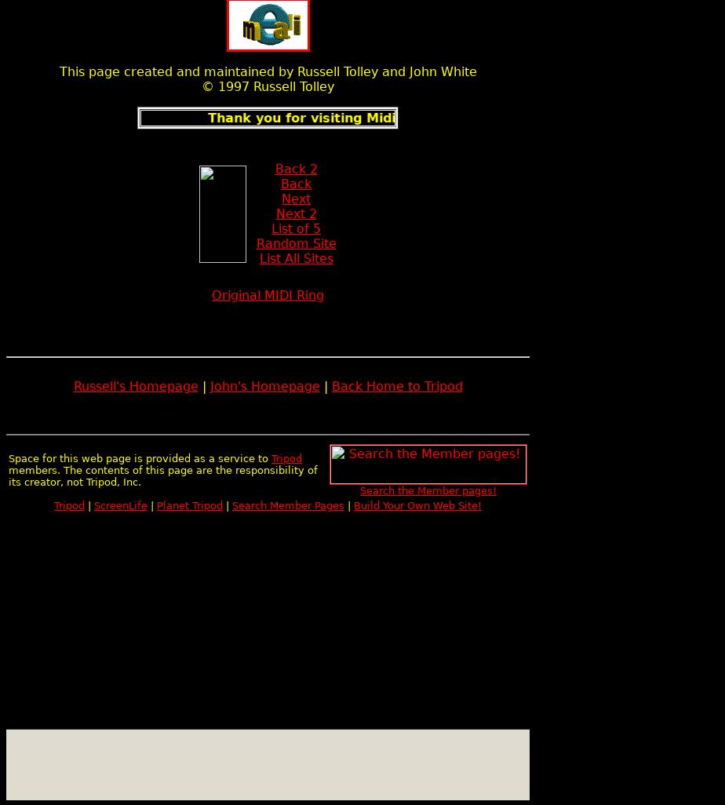 The image size is (725, 805). Describe the element at coordinates (296, 184) in the screenshot. I see `'Back'` at that location.